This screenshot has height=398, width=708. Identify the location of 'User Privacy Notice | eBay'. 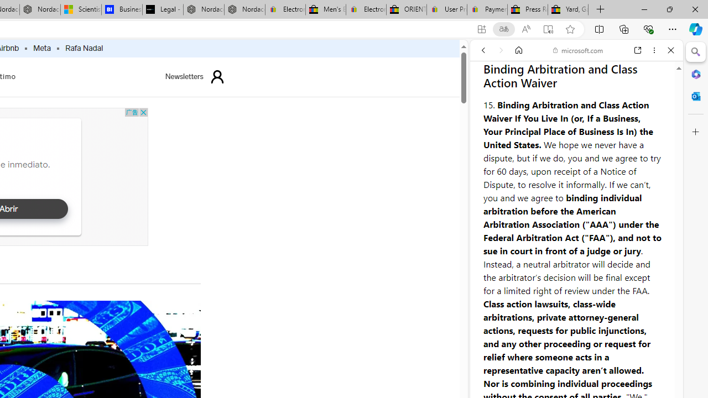
(446, 9).